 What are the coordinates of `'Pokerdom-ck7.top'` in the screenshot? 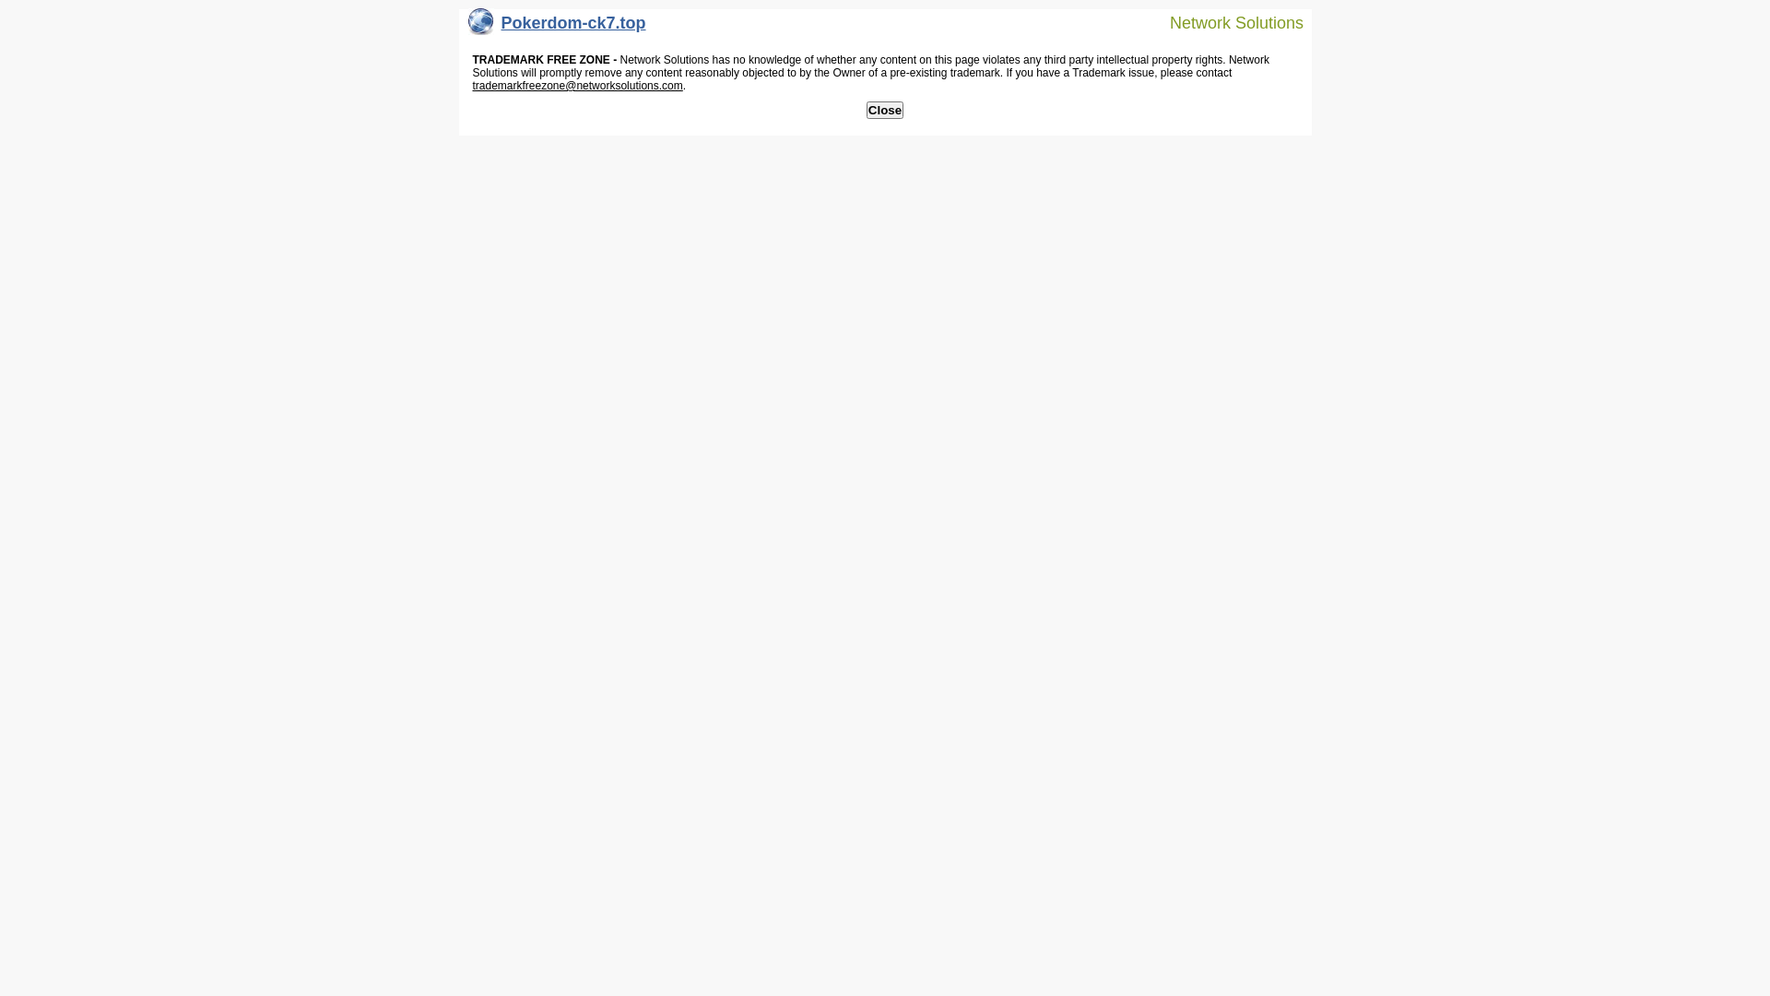 It's located at (556, 27).